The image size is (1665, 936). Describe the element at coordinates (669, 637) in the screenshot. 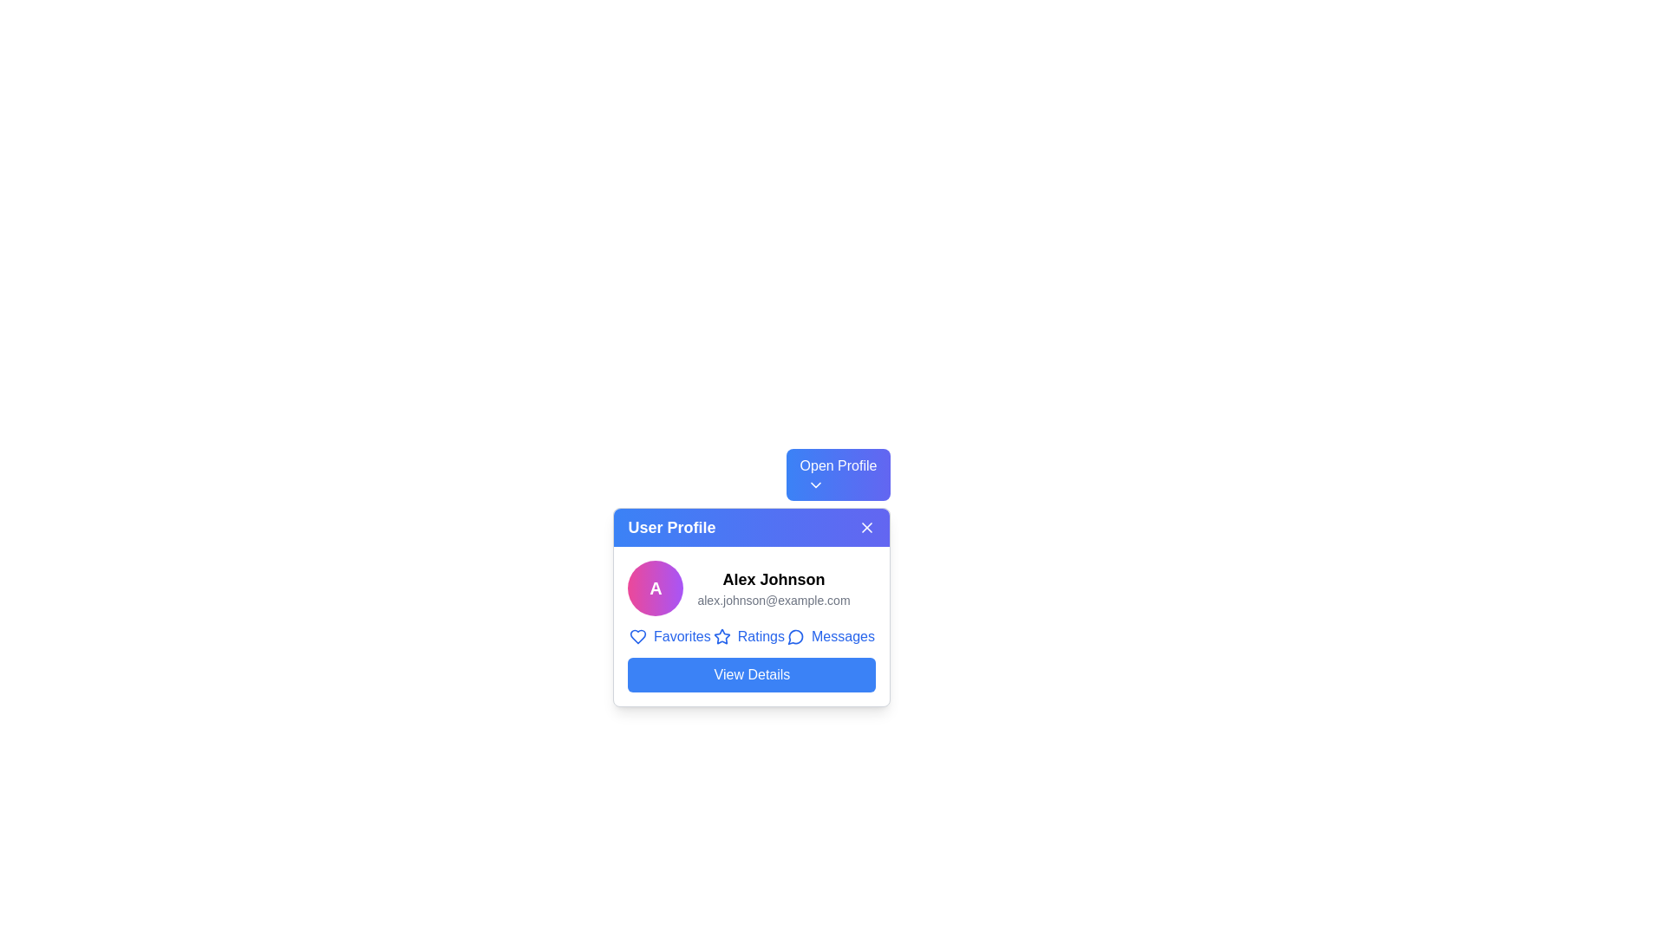

I see `the blue 'Favorites' label with a heart icon` at that location.